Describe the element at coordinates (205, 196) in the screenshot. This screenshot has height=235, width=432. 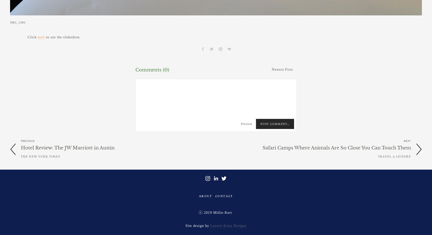
I see `'About'` at that location.